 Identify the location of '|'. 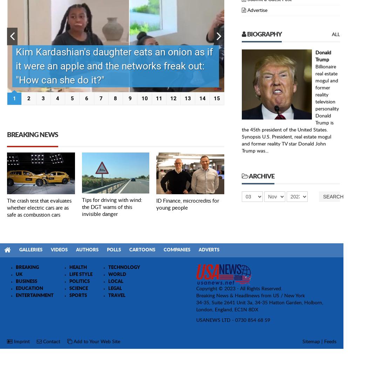
(322, 341).